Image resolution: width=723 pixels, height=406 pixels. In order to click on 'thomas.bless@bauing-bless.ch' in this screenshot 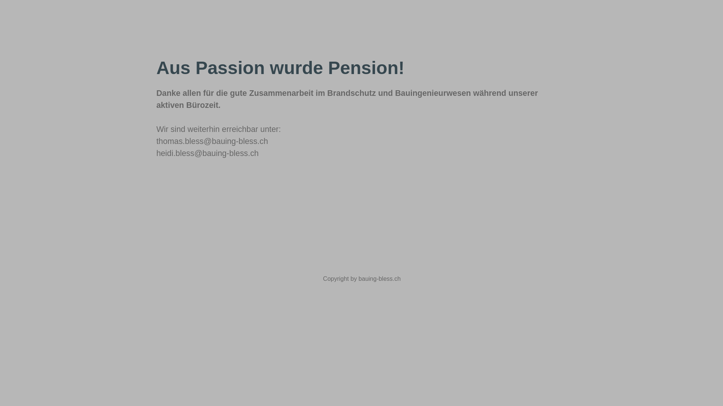, I will do `click(212, 141)`.